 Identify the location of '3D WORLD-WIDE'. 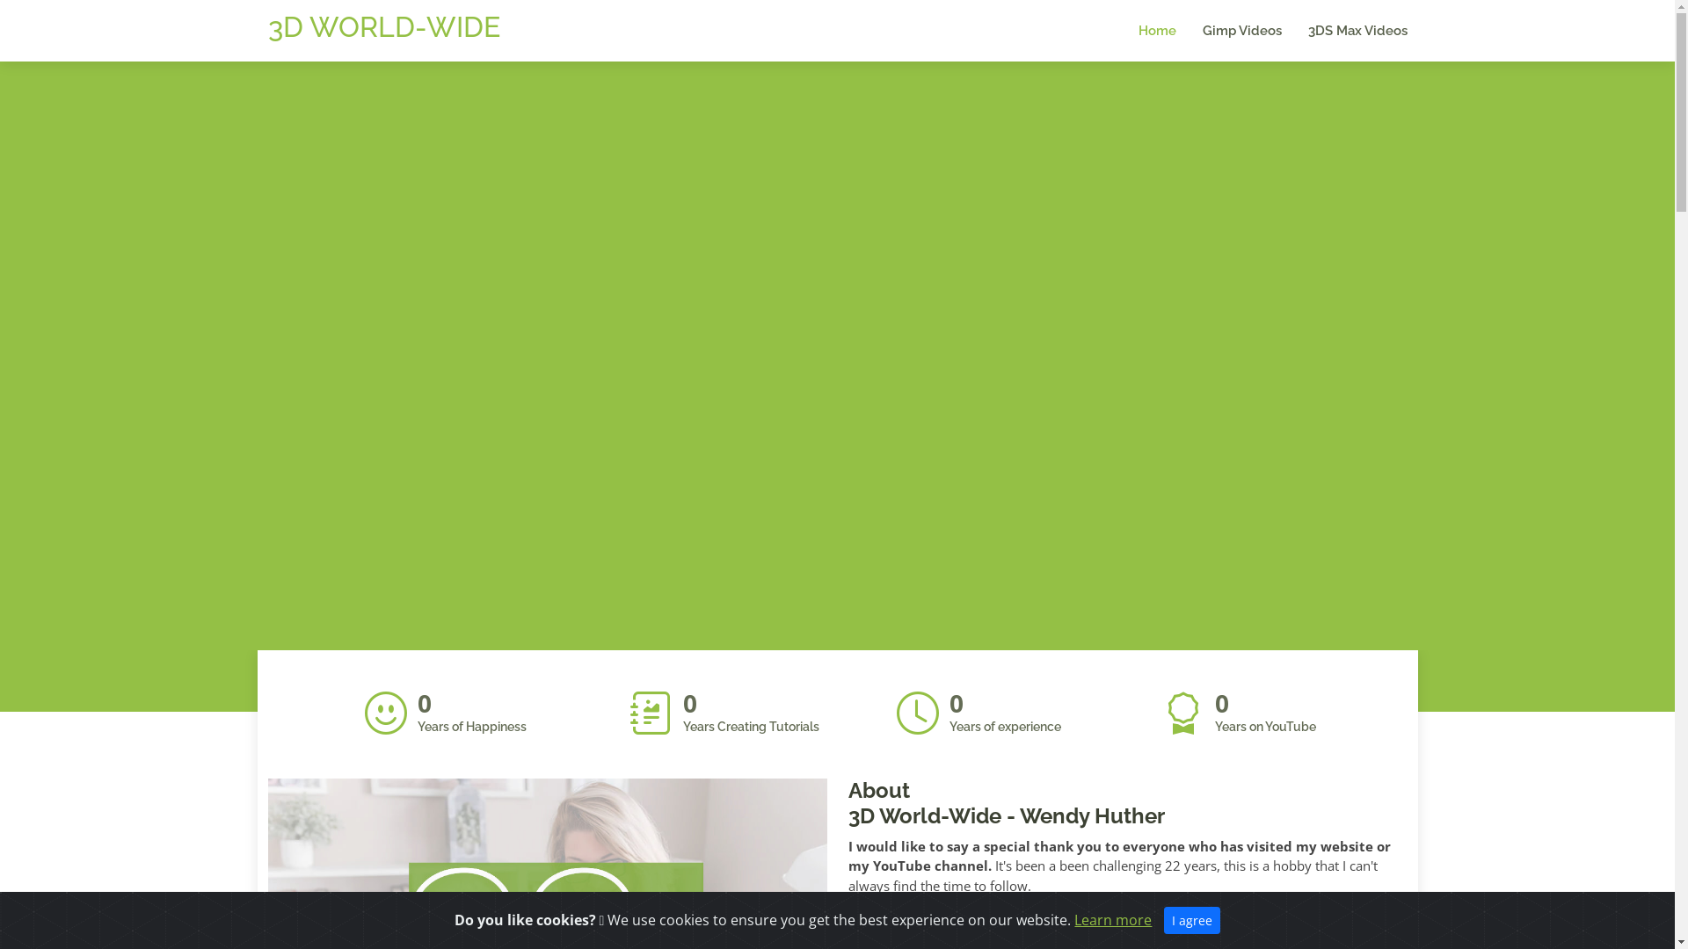
(382, 26).